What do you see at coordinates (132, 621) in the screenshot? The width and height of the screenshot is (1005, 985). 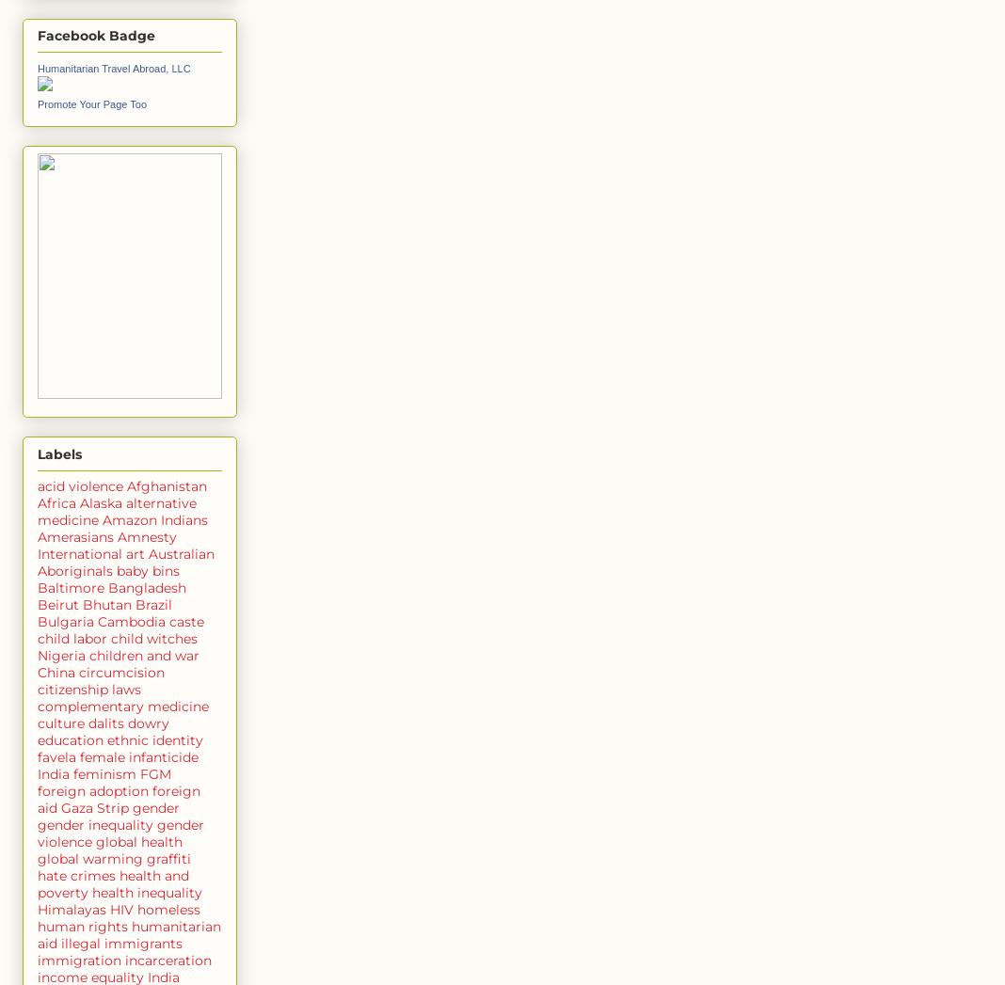 I see `'Cambodia'` at bounding box center [132, 621].